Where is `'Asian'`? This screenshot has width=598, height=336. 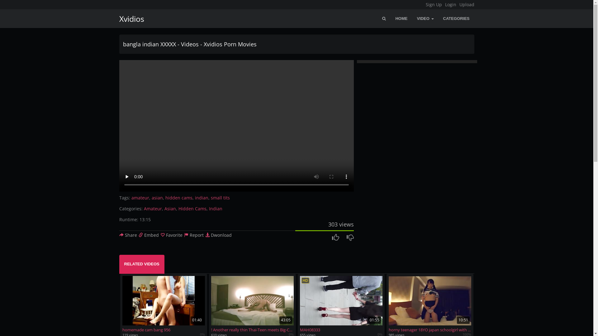
'Asian' is located at coordinates (170, 208).